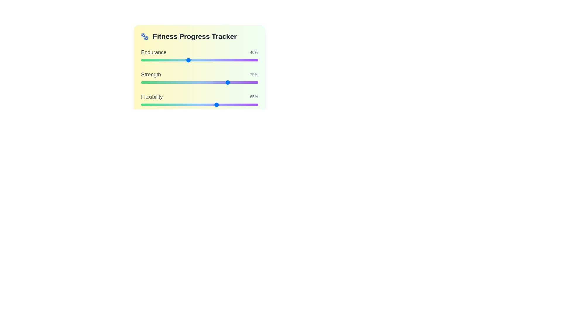 This screenshot has width=562, height=316. What do you see at coordinates (199, 100) in the screenshot?
I see `the Range slider labeled 'Flexibility' with a value of 65% for keyboard interaction` at bounding box center [199, 100].